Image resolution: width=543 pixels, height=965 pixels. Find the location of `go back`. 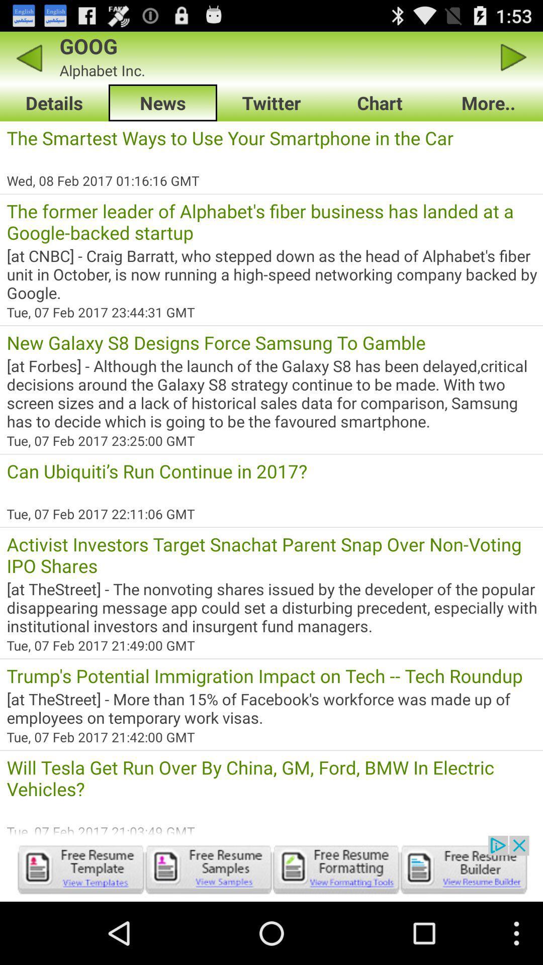

go back is located at coordinates (28, 57).